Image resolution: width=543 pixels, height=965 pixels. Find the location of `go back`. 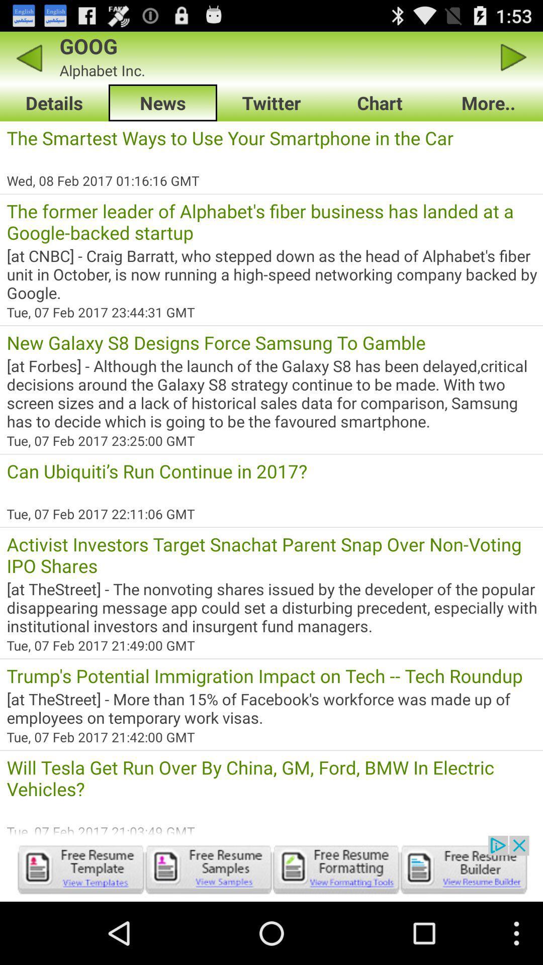

go back is located at coordinates (28, 57).